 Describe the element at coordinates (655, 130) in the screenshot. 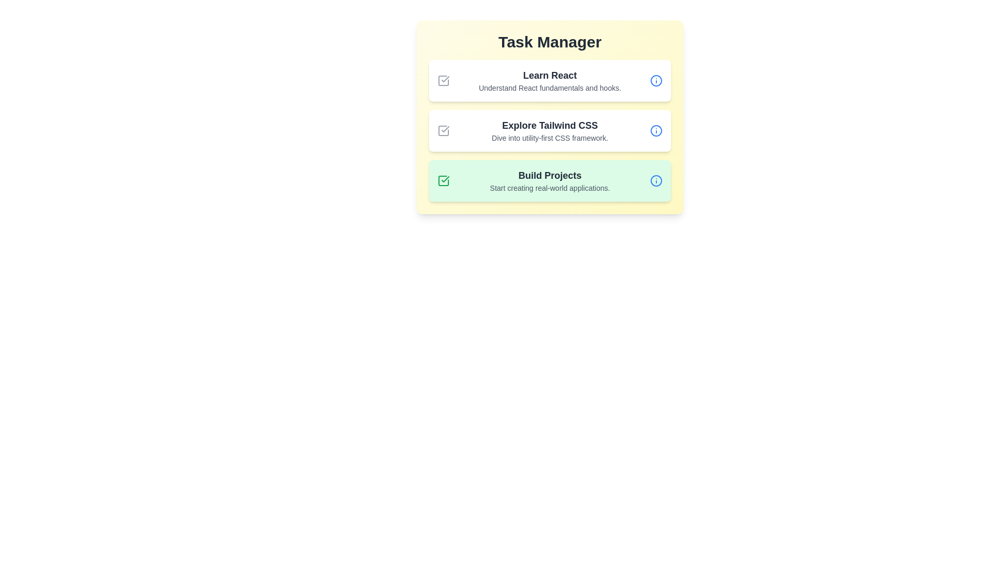

I see `the info icon for the task titled 'Explore Tailwind CSS'` at that location.